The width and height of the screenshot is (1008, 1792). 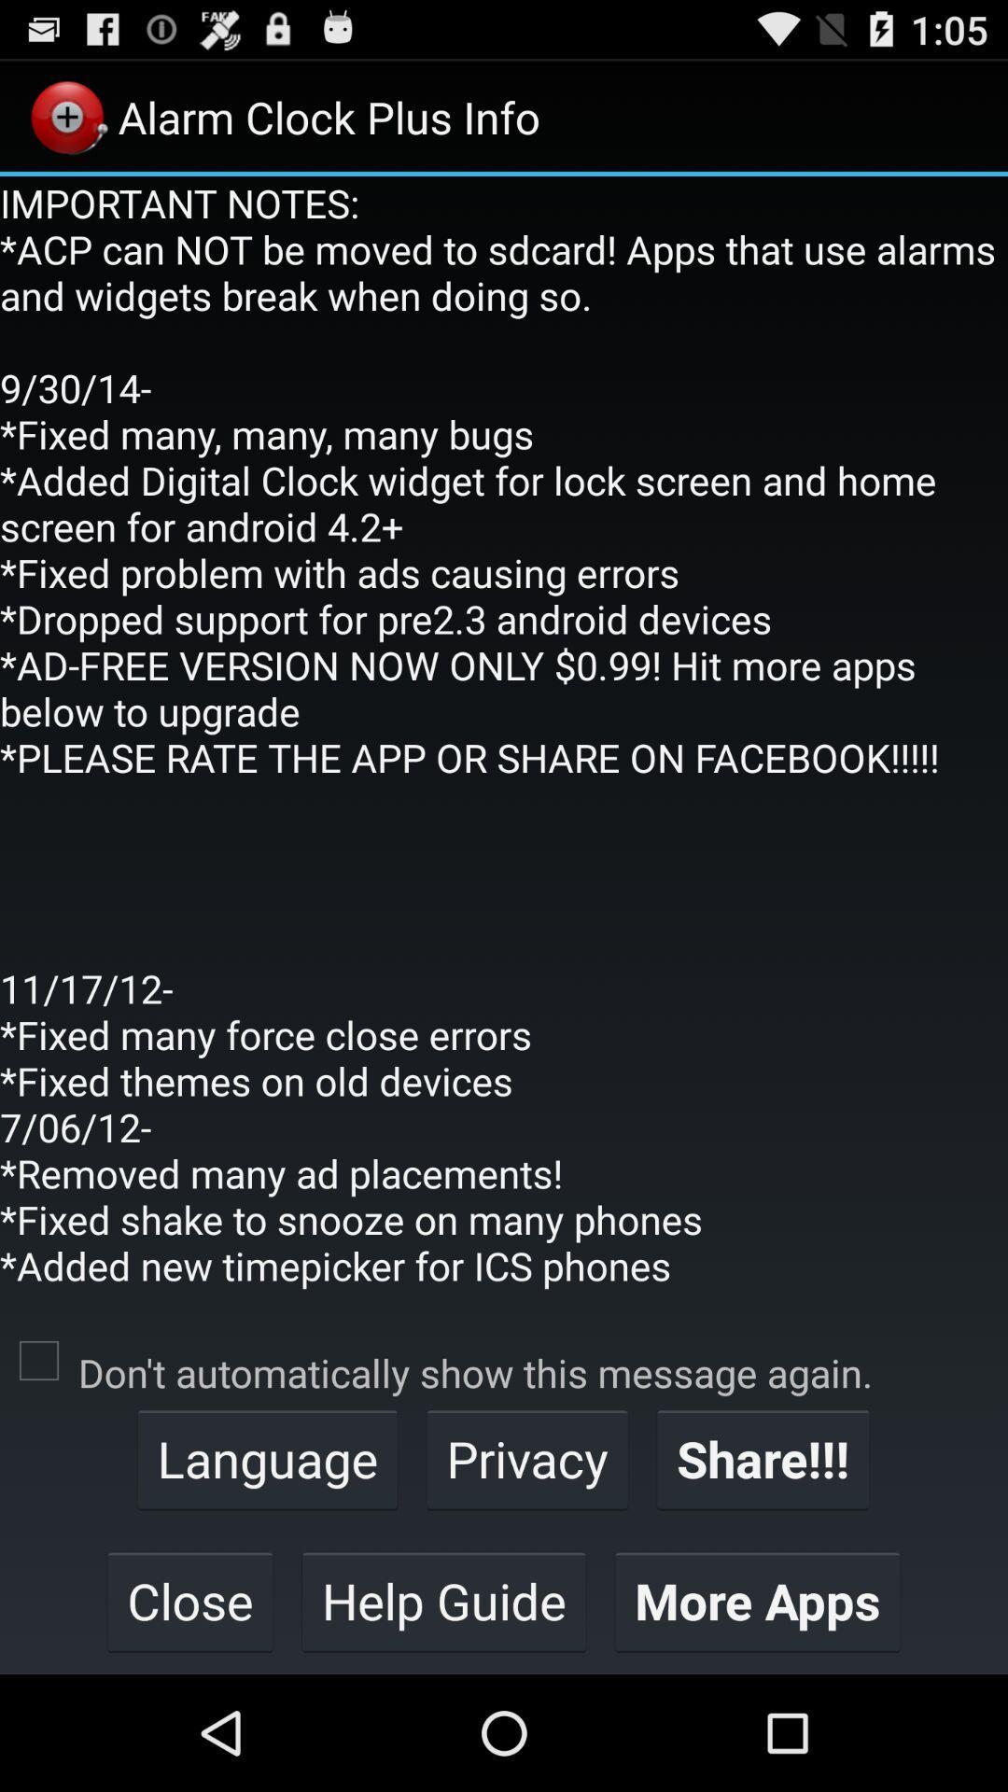 What do you see at coordinates (757, 1600) in the screenshot?
I see `more apps` at bounding box center [757, 1600].